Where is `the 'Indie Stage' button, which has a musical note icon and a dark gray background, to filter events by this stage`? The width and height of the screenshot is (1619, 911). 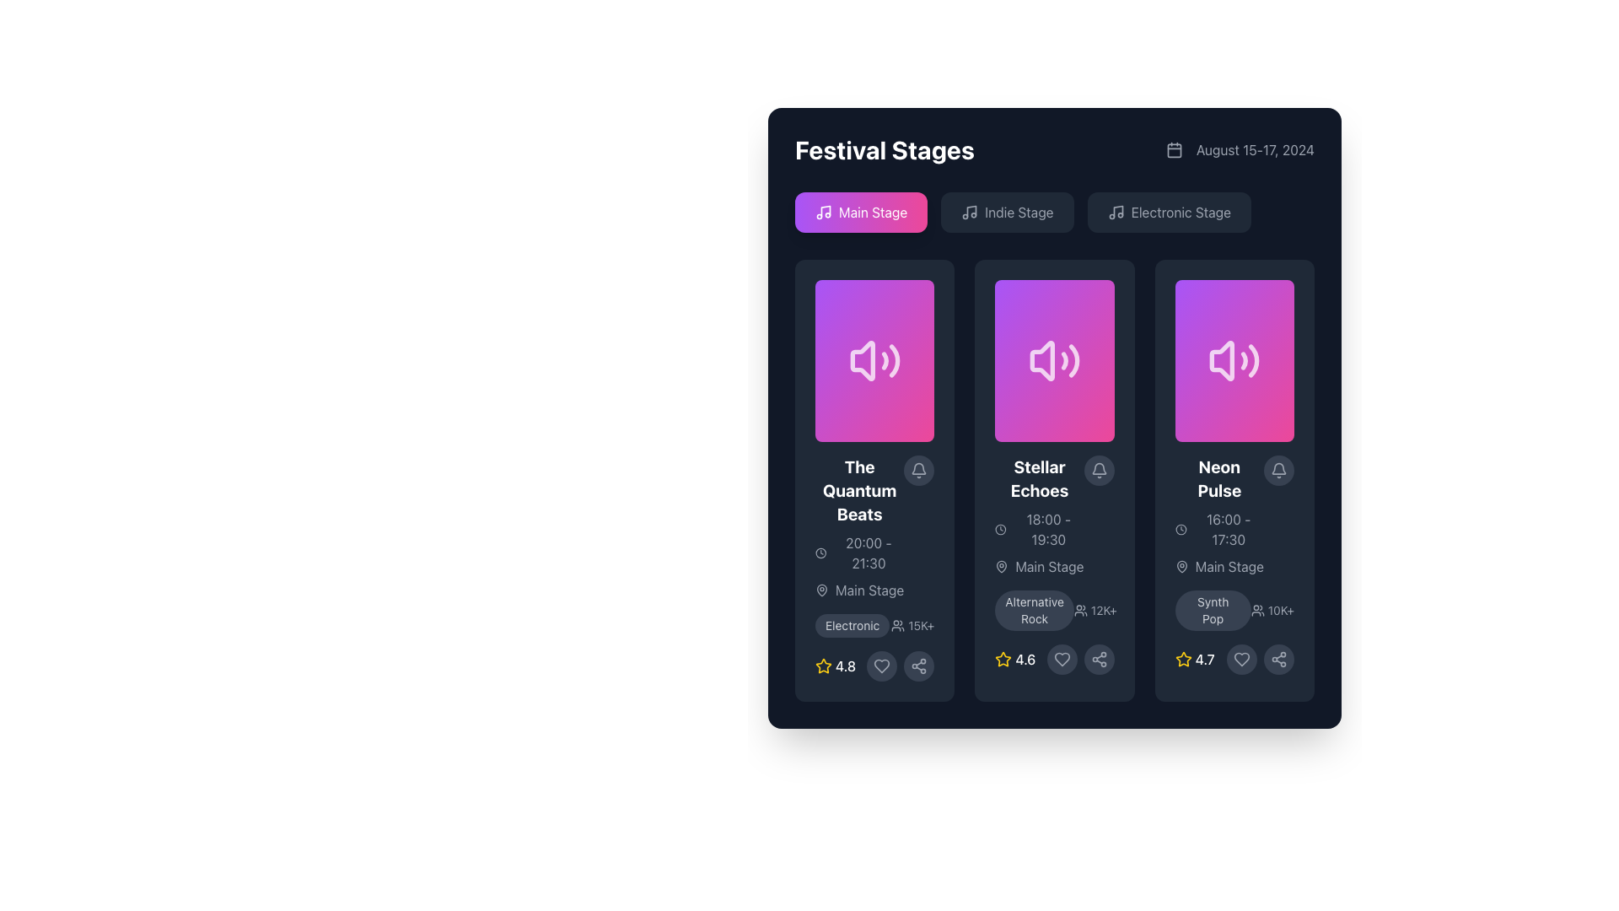 the 'Indie Stage' button, which has a musical note icon and a dark gray background, to filter events by this stage is located at coordinates (1007, 211).